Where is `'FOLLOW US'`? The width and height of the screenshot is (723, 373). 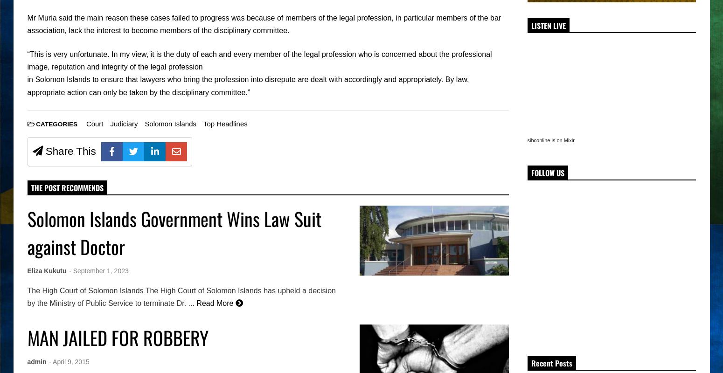 'FOLLOW US' is located at coordinates (547, 172).